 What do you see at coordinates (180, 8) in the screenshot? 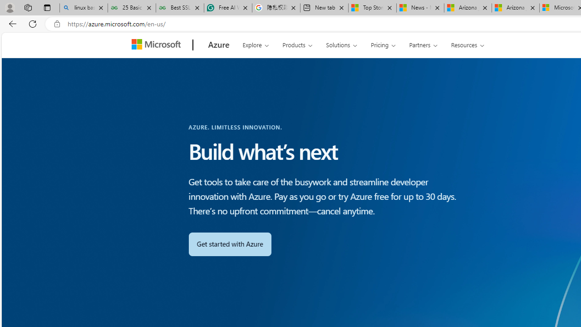
I see `'Best SSL Certificates Provider in India - GeeksforGeeks'` at bounding box center [180, 8].